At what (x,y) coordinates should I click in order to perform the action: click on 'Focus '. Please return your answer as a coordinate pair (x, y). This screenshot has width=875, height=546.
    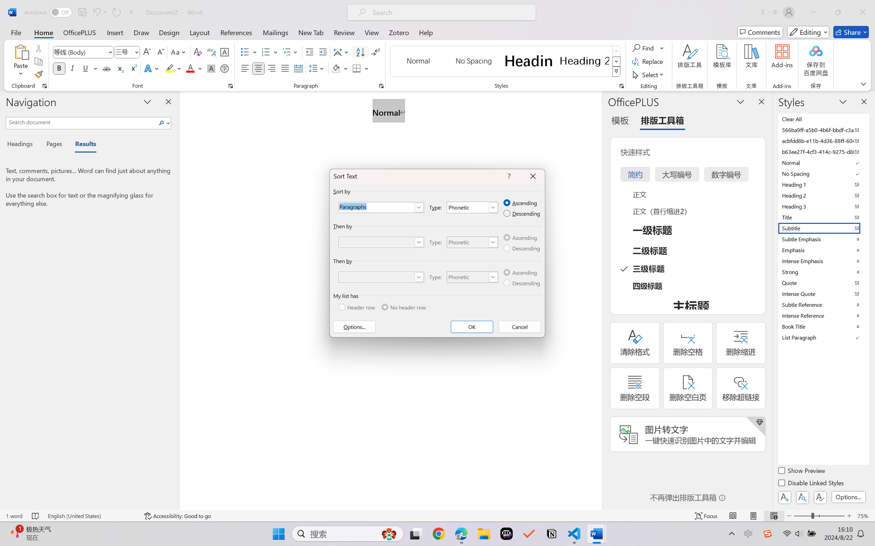
    Looking at the image, I should click on (706, 516).